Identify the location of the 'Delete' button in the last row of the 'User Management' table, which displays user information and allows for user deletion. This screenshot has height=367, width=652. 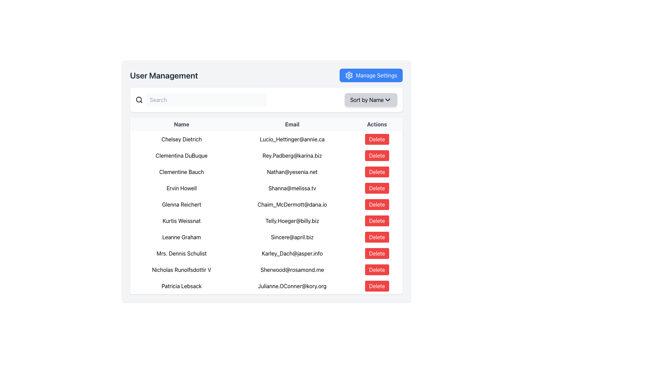
(266, 286).